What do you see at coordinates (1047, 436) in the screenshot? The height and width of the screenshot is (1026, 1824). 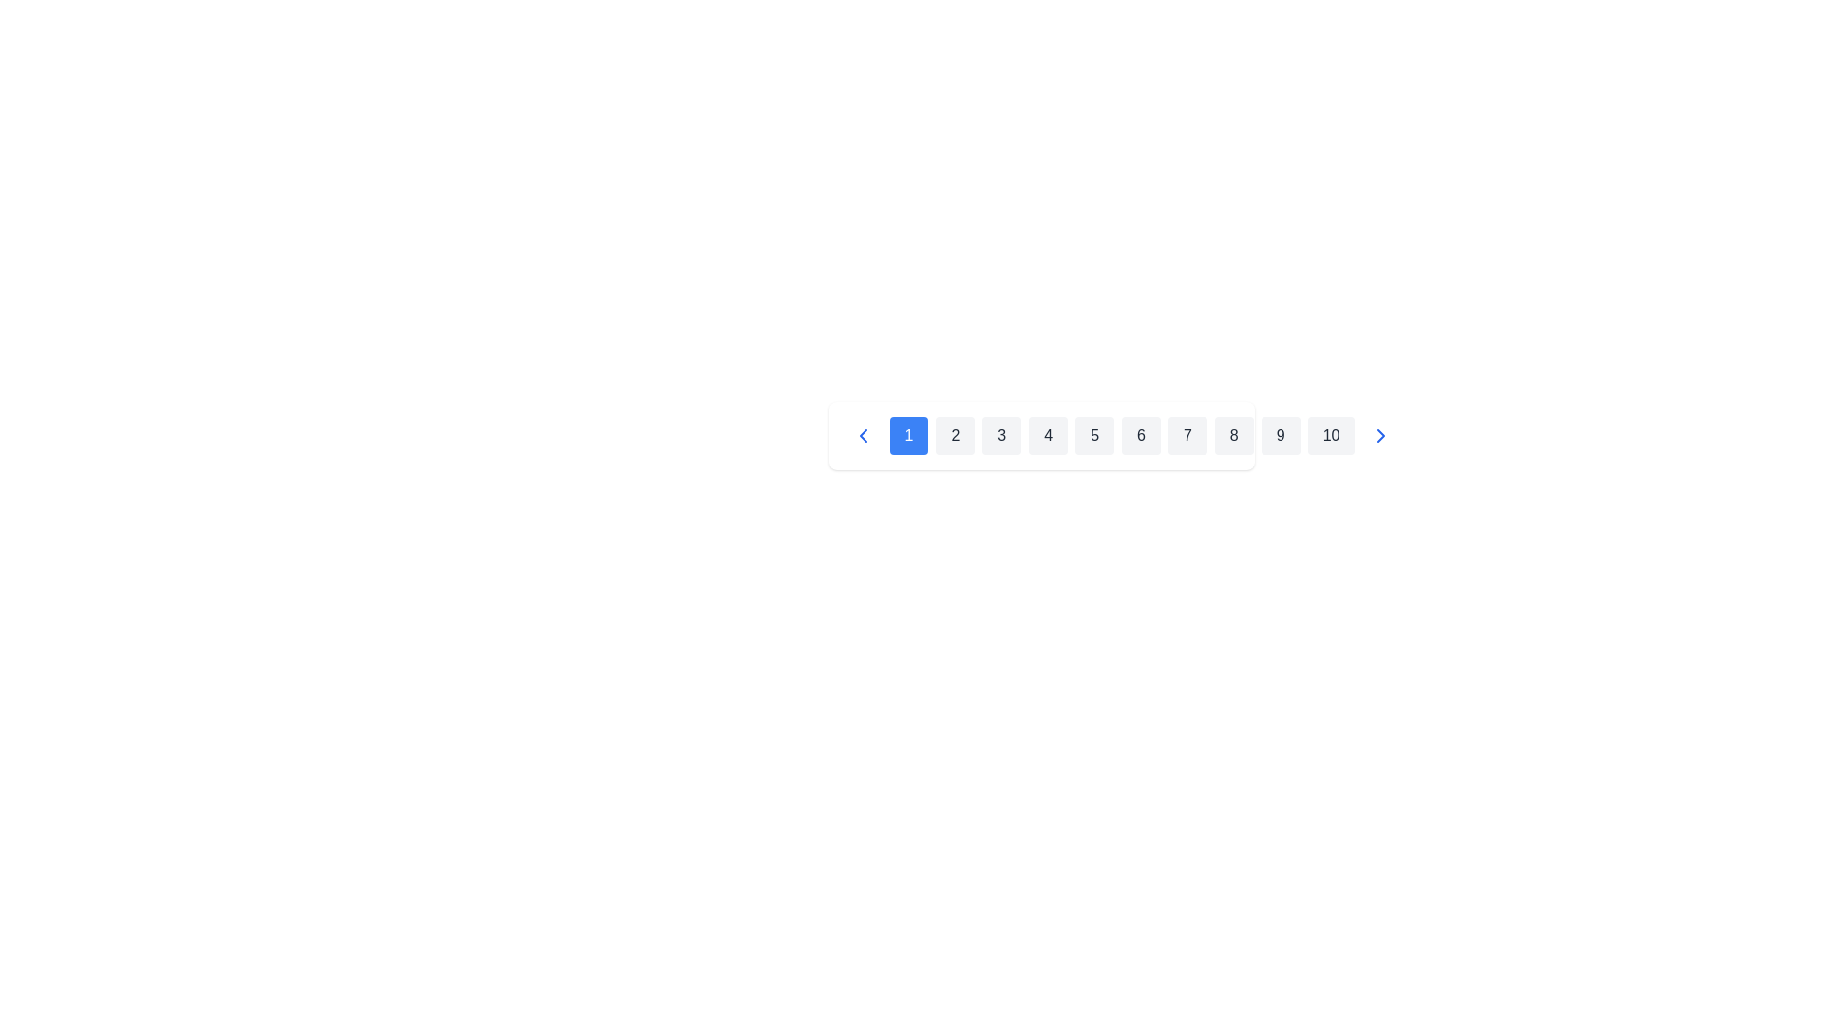 I see `the 4th pagination button` at bounding box center [1047, 436].